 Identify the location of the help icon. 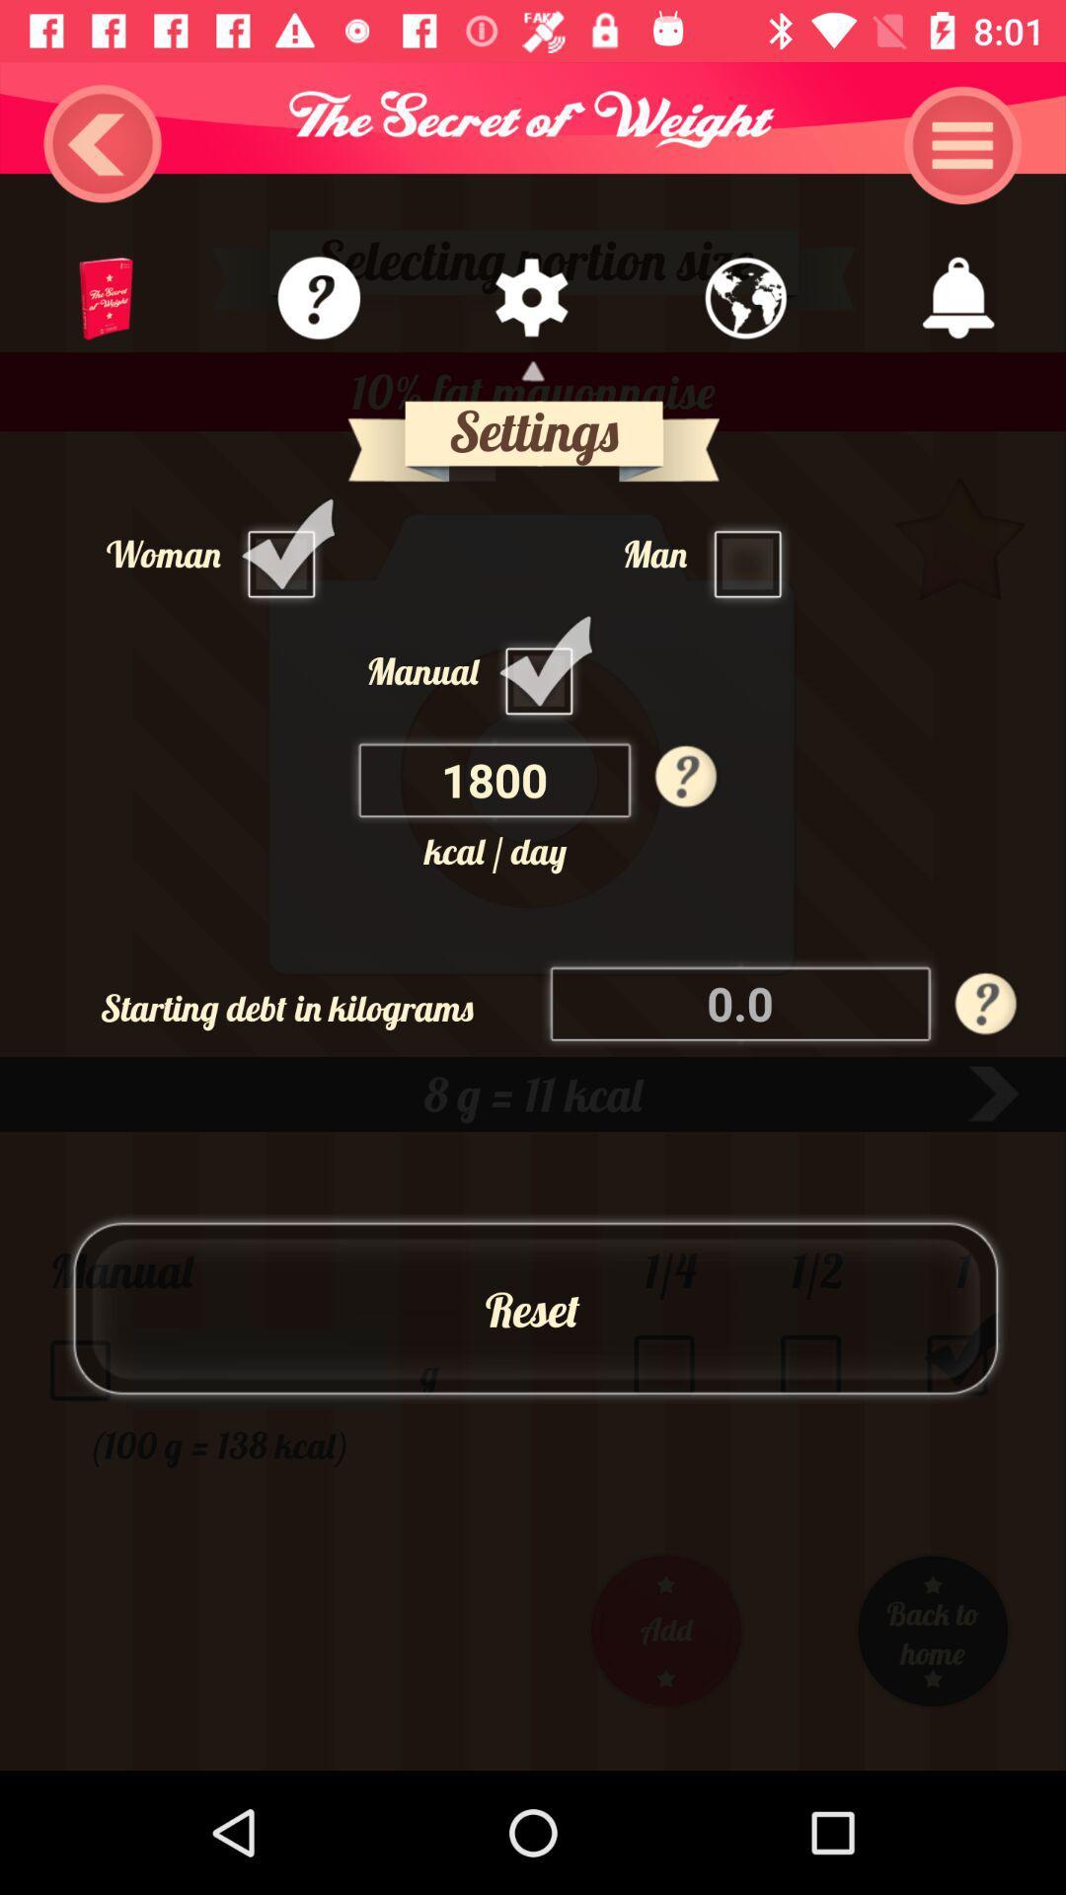
(686, 775).